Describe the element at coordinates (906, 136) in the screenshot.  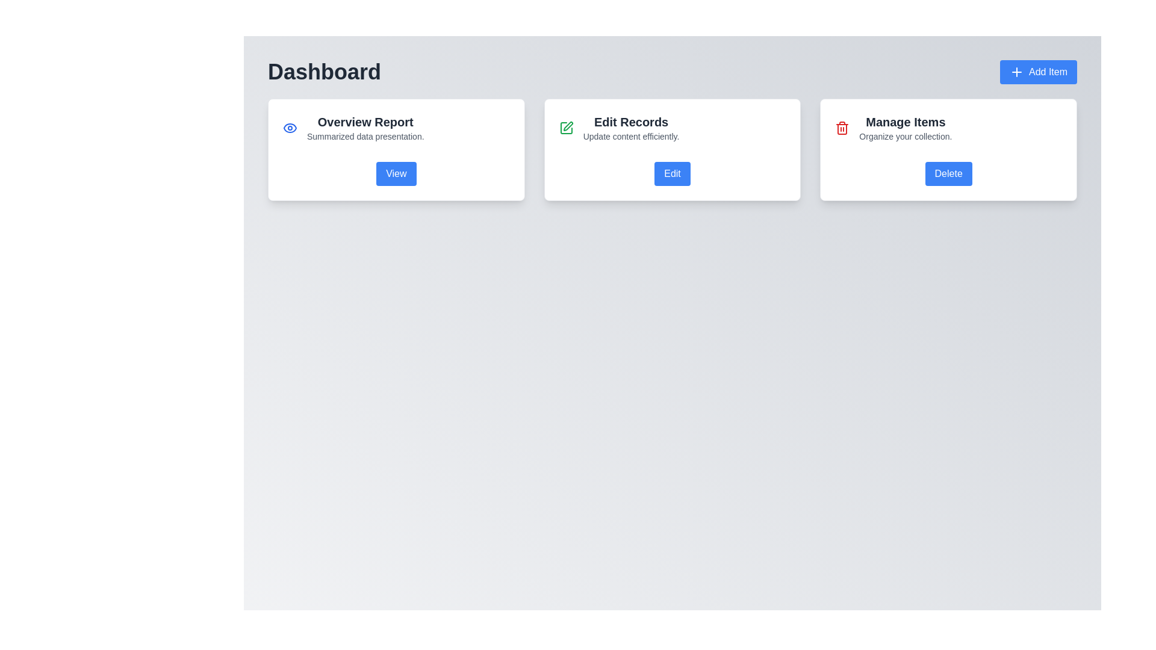
I see `the text label element reading 'Organize your collection.' which is styled in a small, gray font and located below the 'Manage Items' heading in the rightmost card of a three-card layout` at that location.